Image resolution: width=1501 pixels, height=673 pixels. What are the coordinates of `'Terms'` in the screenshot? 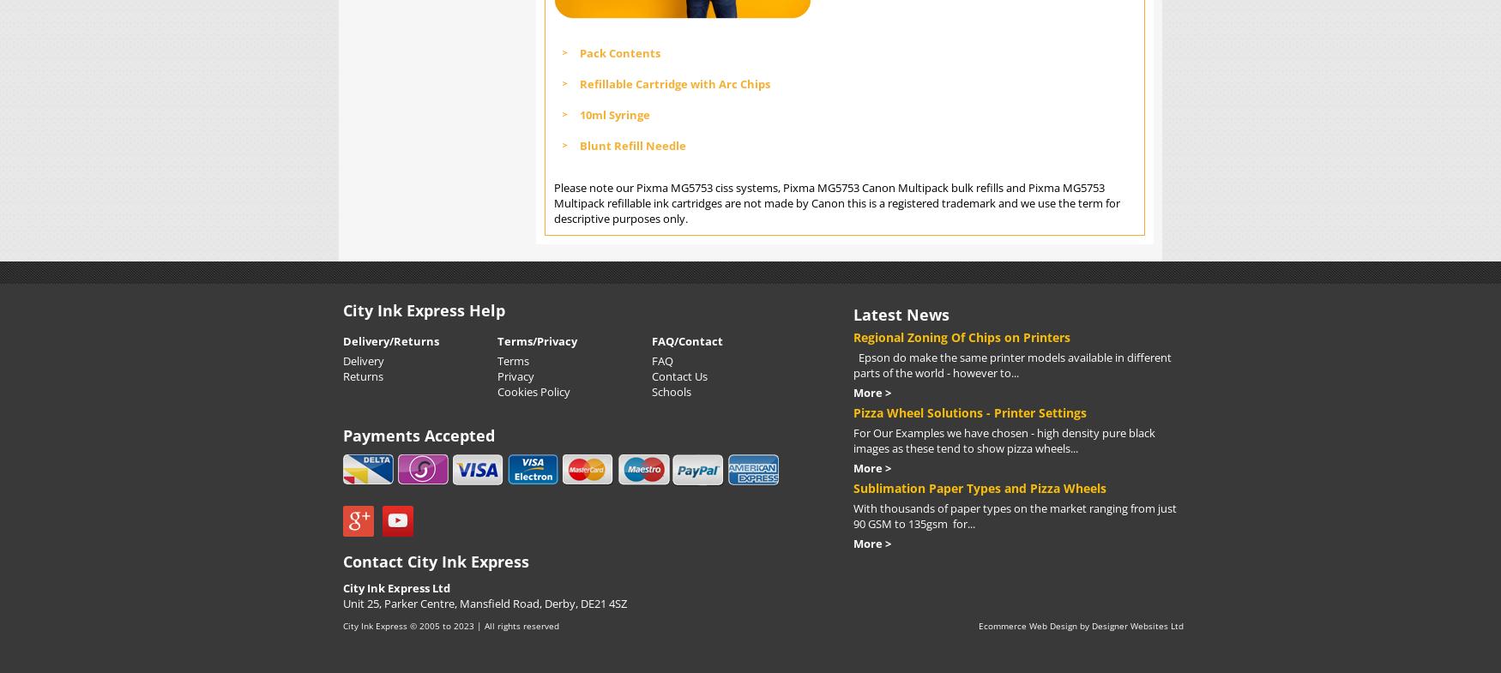 It's located at (513, 359).